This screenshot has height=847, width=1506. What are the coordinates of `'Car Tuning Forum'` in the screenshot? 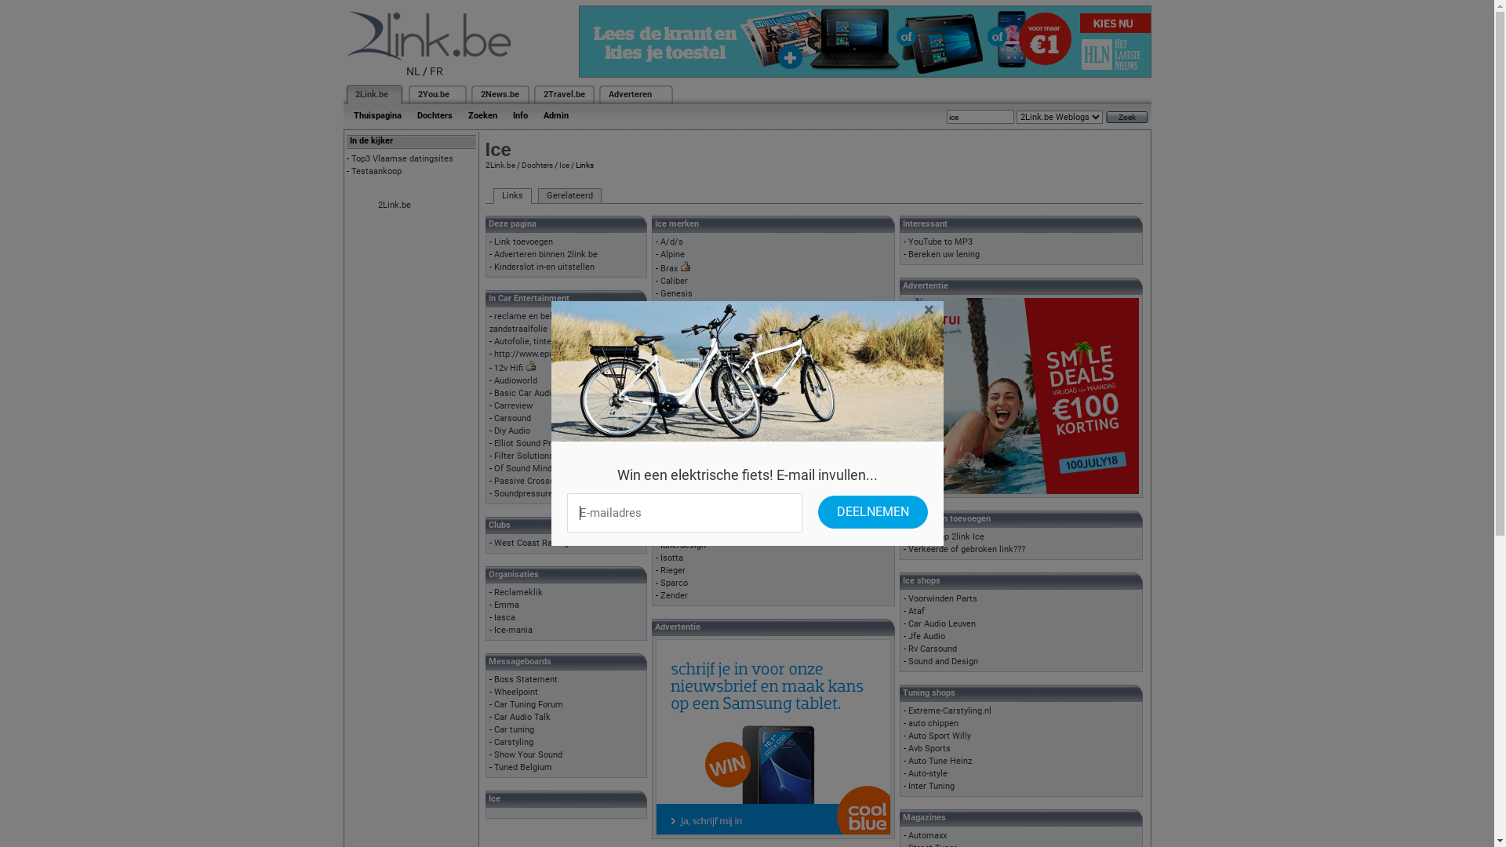 It's located at (528, 703).